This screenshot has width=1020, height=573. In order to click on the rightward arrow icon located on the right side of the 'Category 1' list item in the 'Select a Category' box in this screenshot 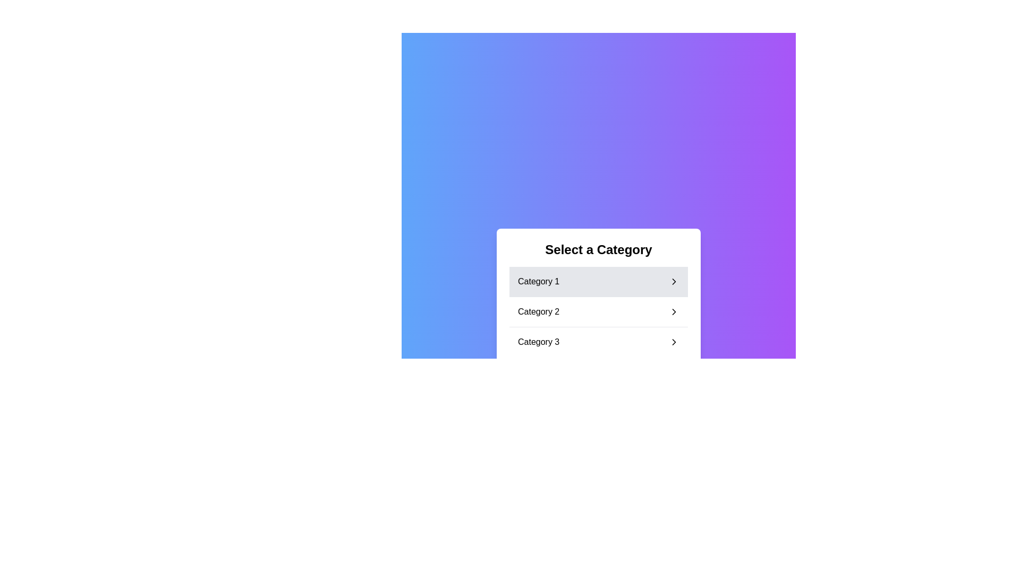, I will do `click(673, 281)`.